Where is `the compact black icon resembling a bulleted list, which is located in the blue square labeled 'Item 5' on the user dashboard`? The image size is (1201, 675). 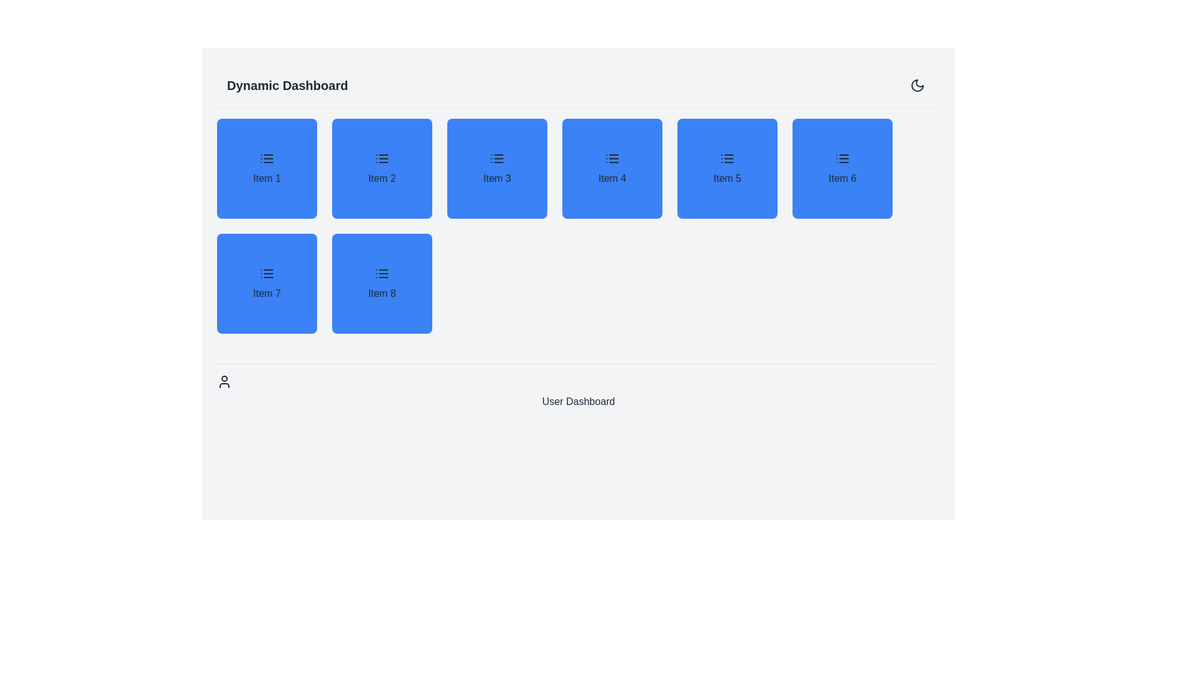
the compact black icon resembling a bulleted list, which is located in the blue square labeled 'Item 5' on the user dashboard is located at coordinates (727, 158).